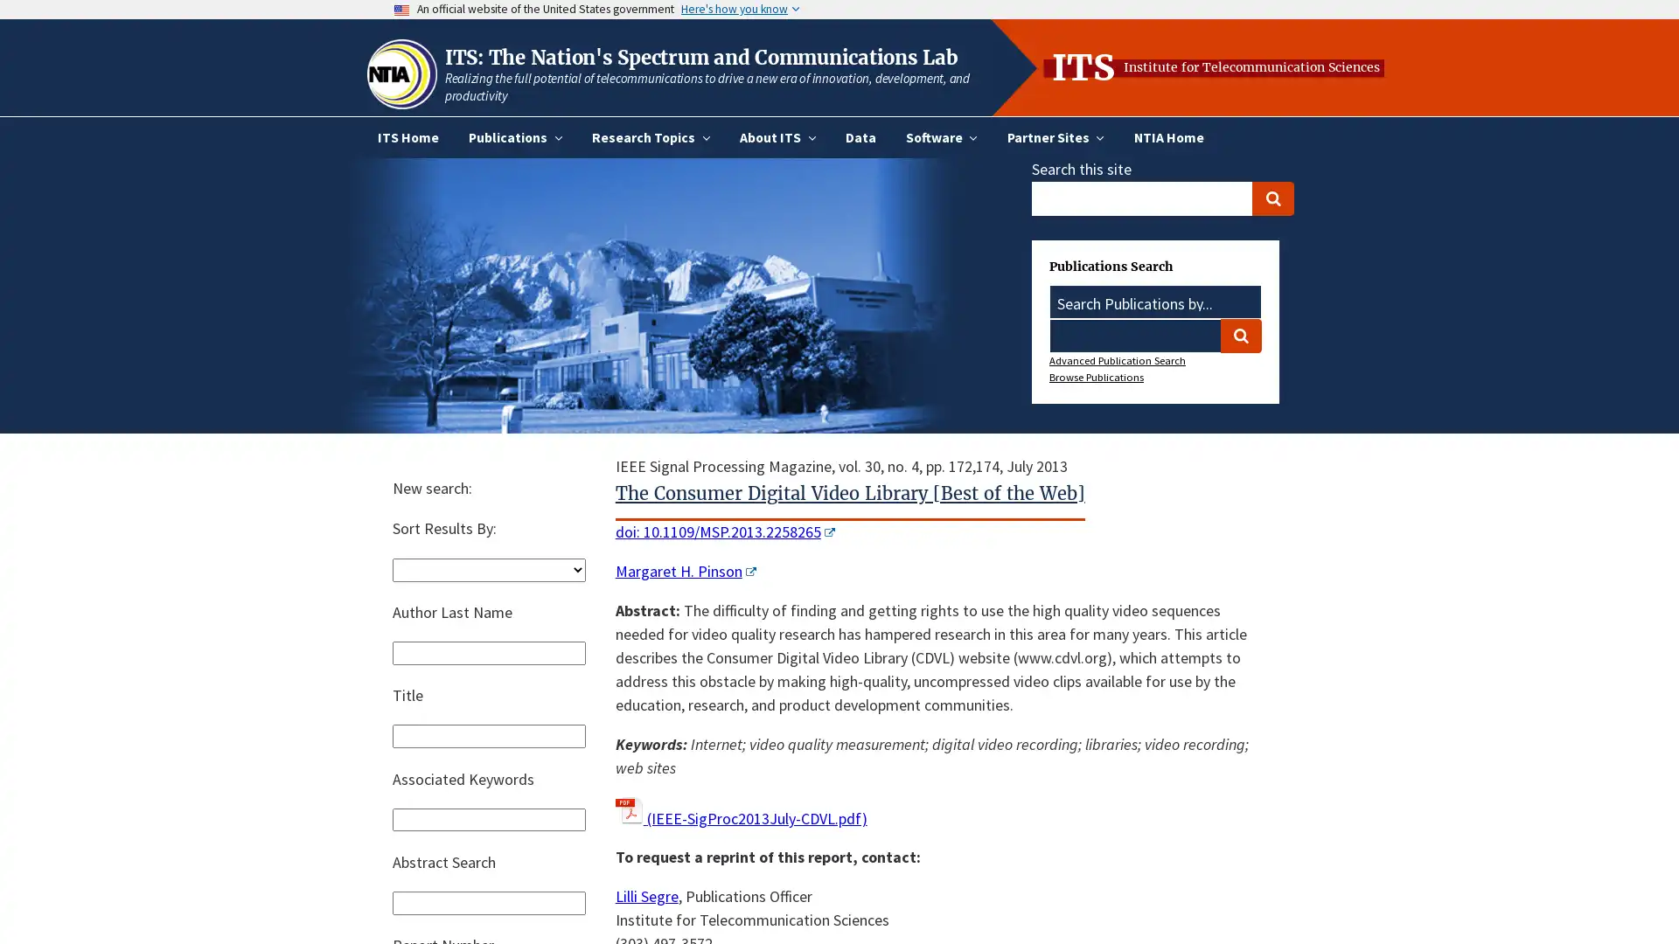  I want to click on Software, so click(939, 136).